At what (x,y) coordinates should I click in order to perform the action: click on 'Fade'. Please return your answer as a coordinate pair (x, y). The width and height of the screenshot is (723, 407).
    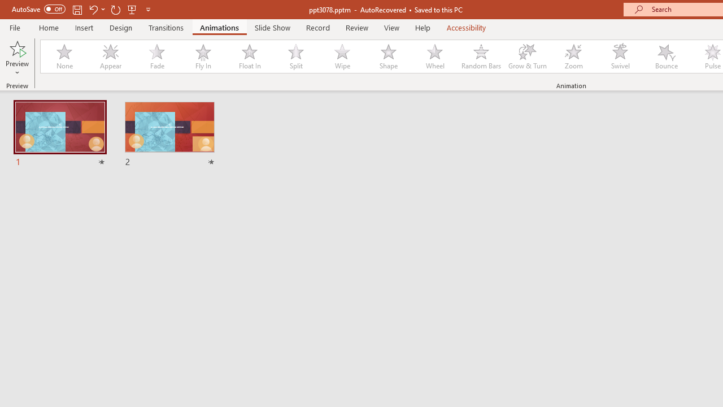
    Looking at the image, I should click on (156, 57).